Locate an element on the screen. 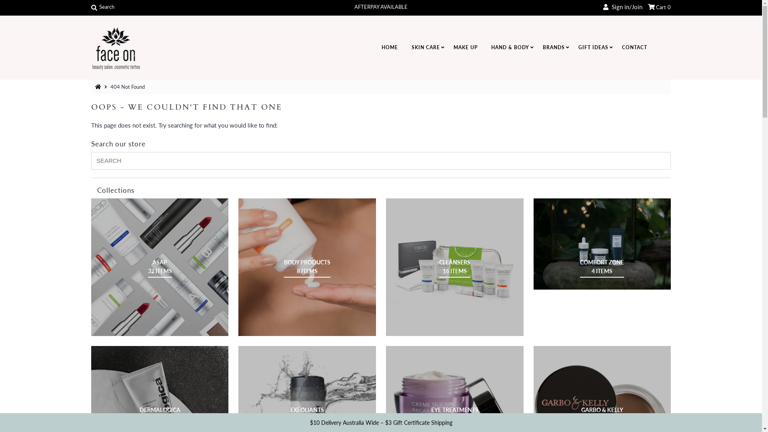  'CONTACT' is located at coordinates (634, 48).